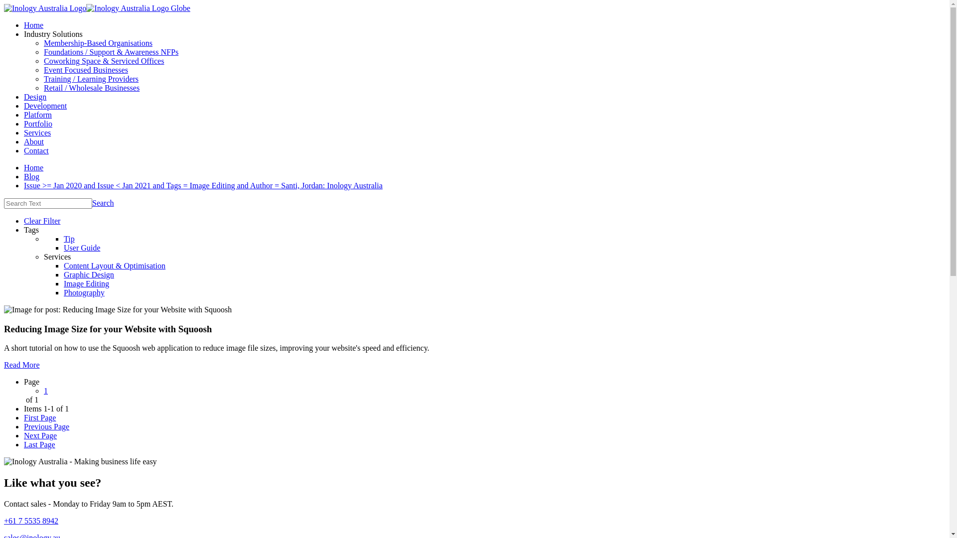 The width and height of the screenshot is (957, 538). Describe the element at coordinates (24, 220) in the screenshot. I see `'Clear Filter'` at that location.